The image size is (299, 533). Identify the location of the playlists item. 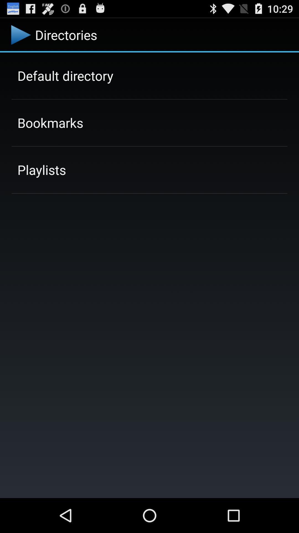
(41, 169).